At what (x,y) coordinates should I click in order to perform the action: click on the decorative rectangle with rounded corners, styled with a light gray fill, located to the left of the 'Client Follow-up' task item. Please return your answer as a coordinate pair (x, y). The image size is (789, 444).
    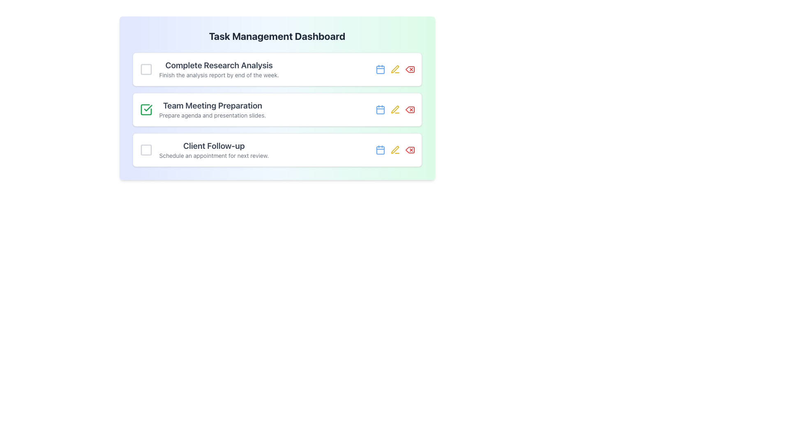
    Looking at the image, I should click on (146, 150).